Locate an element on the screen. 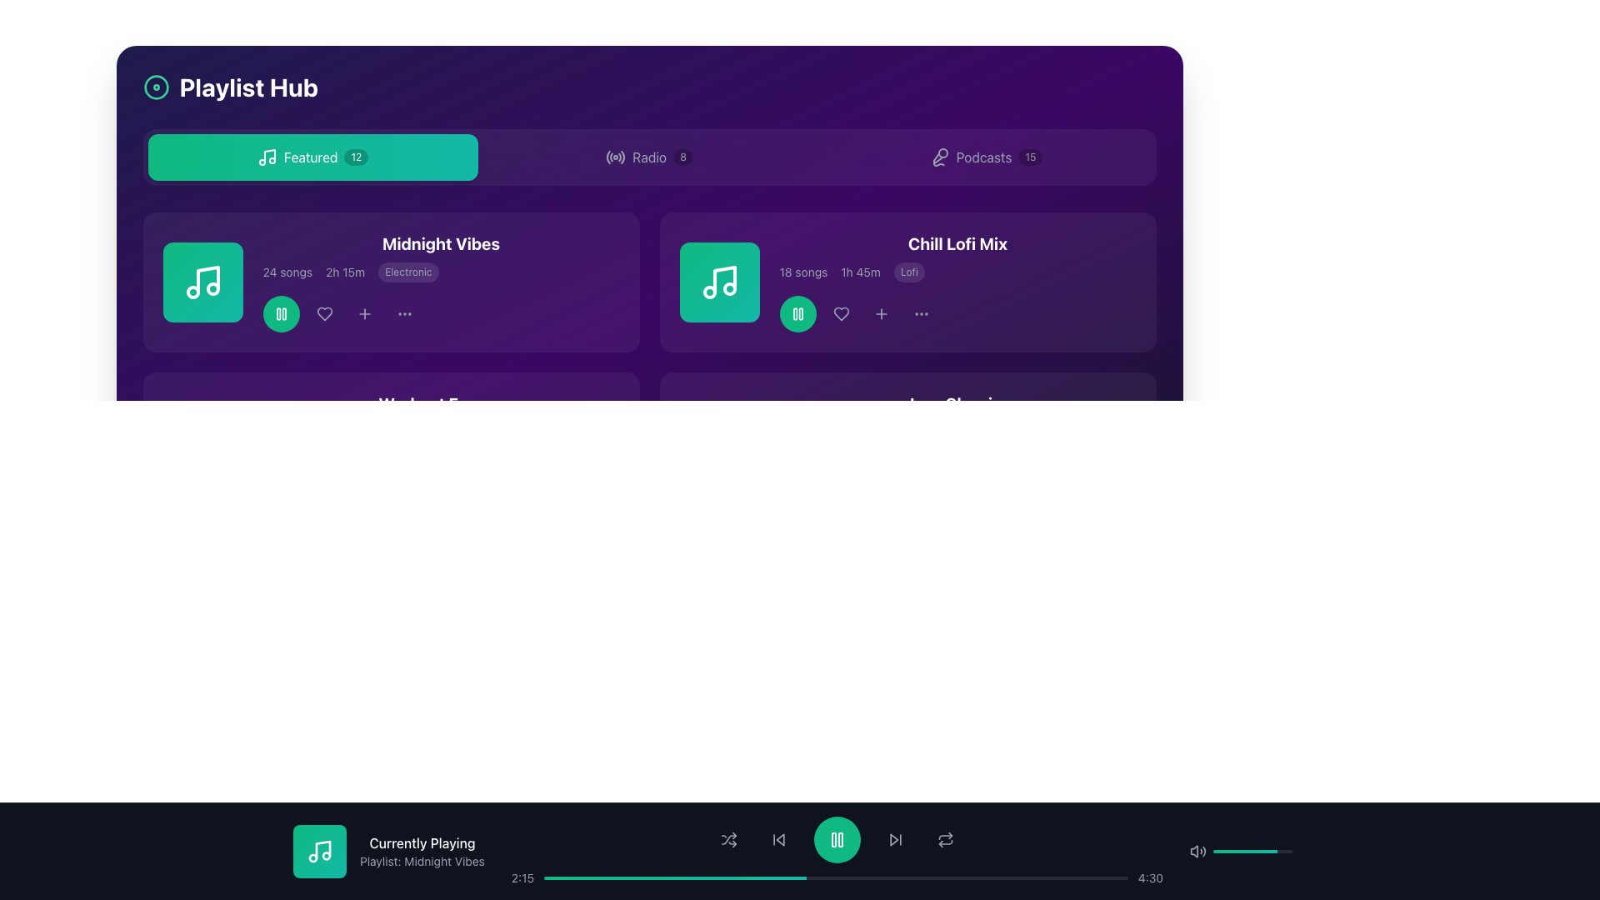 Image resolution: width=1600 pixels, height=900 pixels. the Information Display Box displaying the playlist title 'Chill Lofi Mix' located in the 'Featured' section of the 'Playlist Hub' interface is located at coordinates (957, 282).